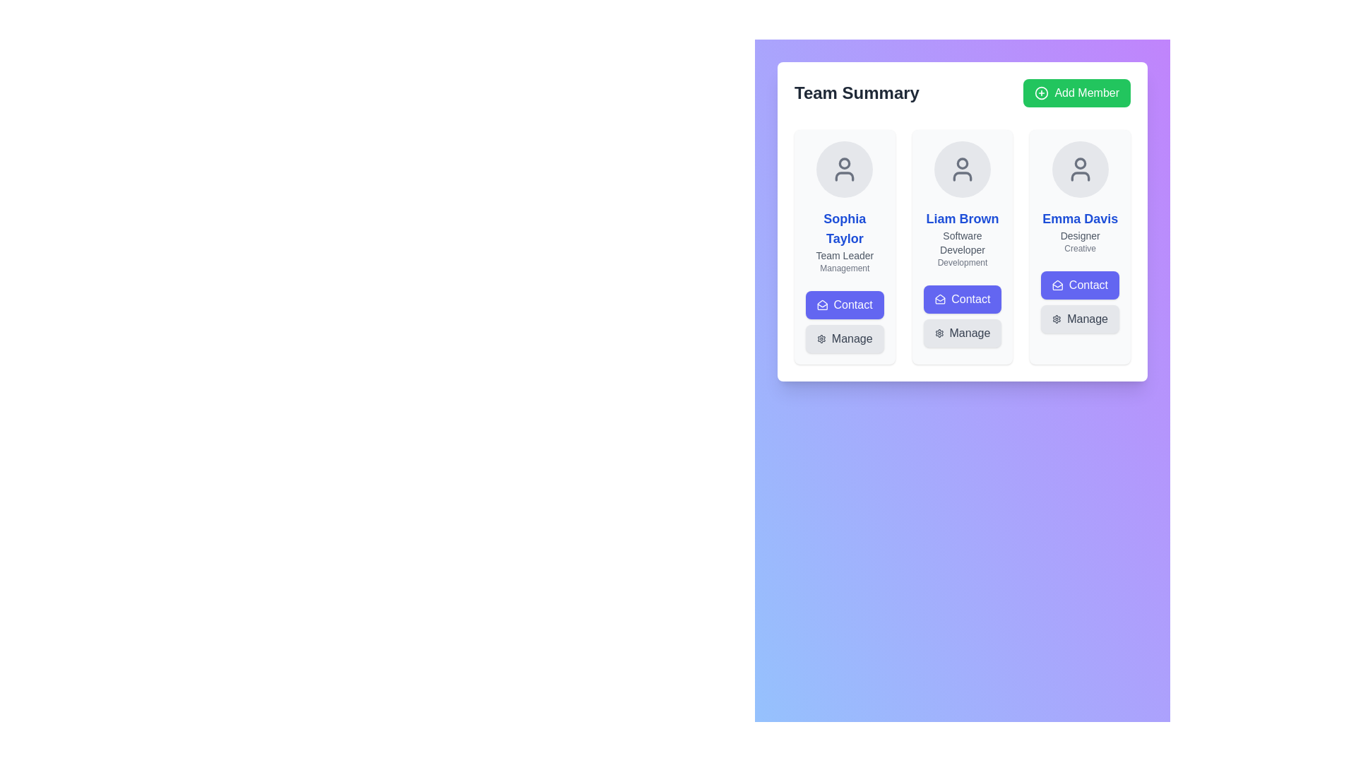 Image resolution: width=1356 pixels, height=763 pixels. I want to click on the text element labeled 'Management' displayed in gray, located below 'Team Leader' in the team member card for 'Sophia Taylor.', so click(845, 268).